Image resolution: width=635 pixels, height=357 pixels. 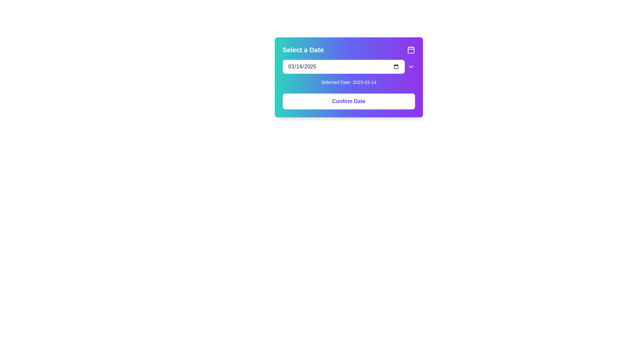 I want to click on the rounded rectangle shape inside the calendar icon located in the upper-right corner of the modal dialog, so click(x=410, y=50).